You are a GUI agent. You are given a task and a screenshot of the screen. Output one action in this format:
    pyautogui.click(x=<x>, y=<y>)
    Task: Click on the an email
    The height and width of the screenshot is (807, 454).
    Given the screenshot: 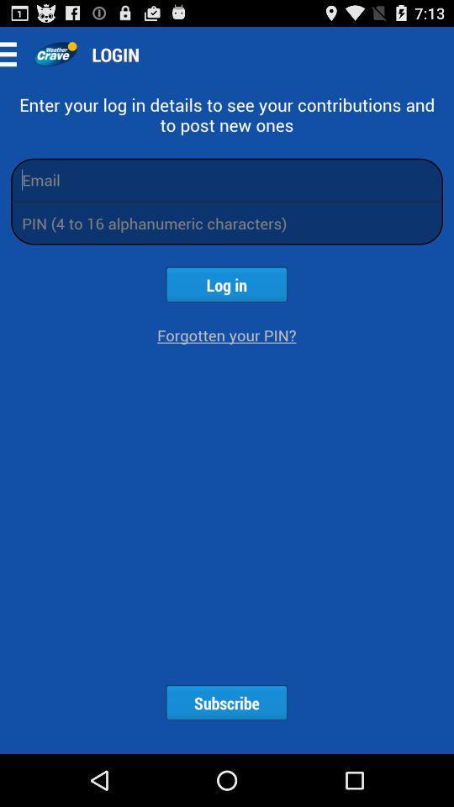 What is the action you would take?
    pyautogui.click(x=227, y=179)
    